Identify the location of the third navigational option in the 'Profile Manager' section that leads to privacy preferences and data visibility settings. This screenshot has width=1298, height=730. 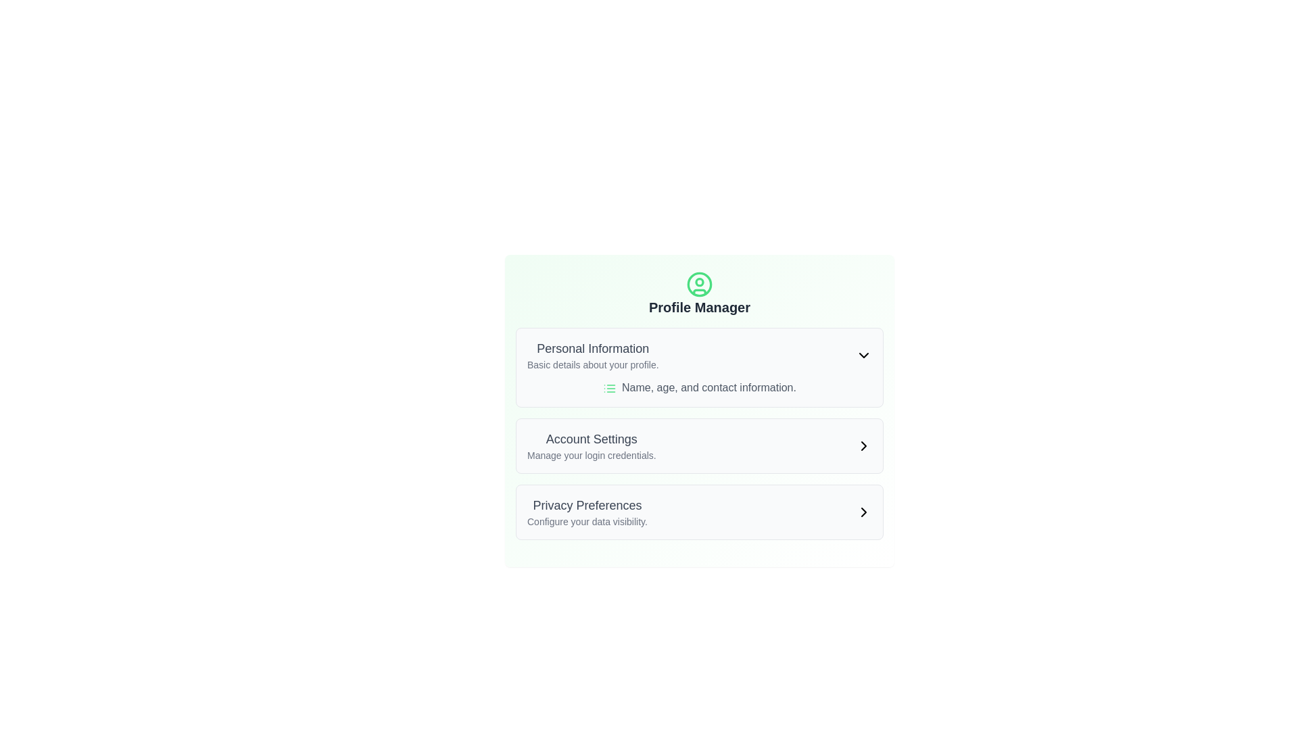
(700, 512).